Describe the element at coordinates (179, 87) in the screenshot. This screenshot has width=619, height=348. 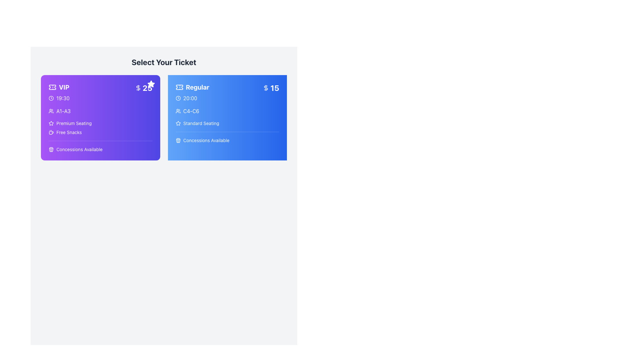
I see `the decorative icon located to the left of the text 'Regular' in the blue ticket option card` at that location.